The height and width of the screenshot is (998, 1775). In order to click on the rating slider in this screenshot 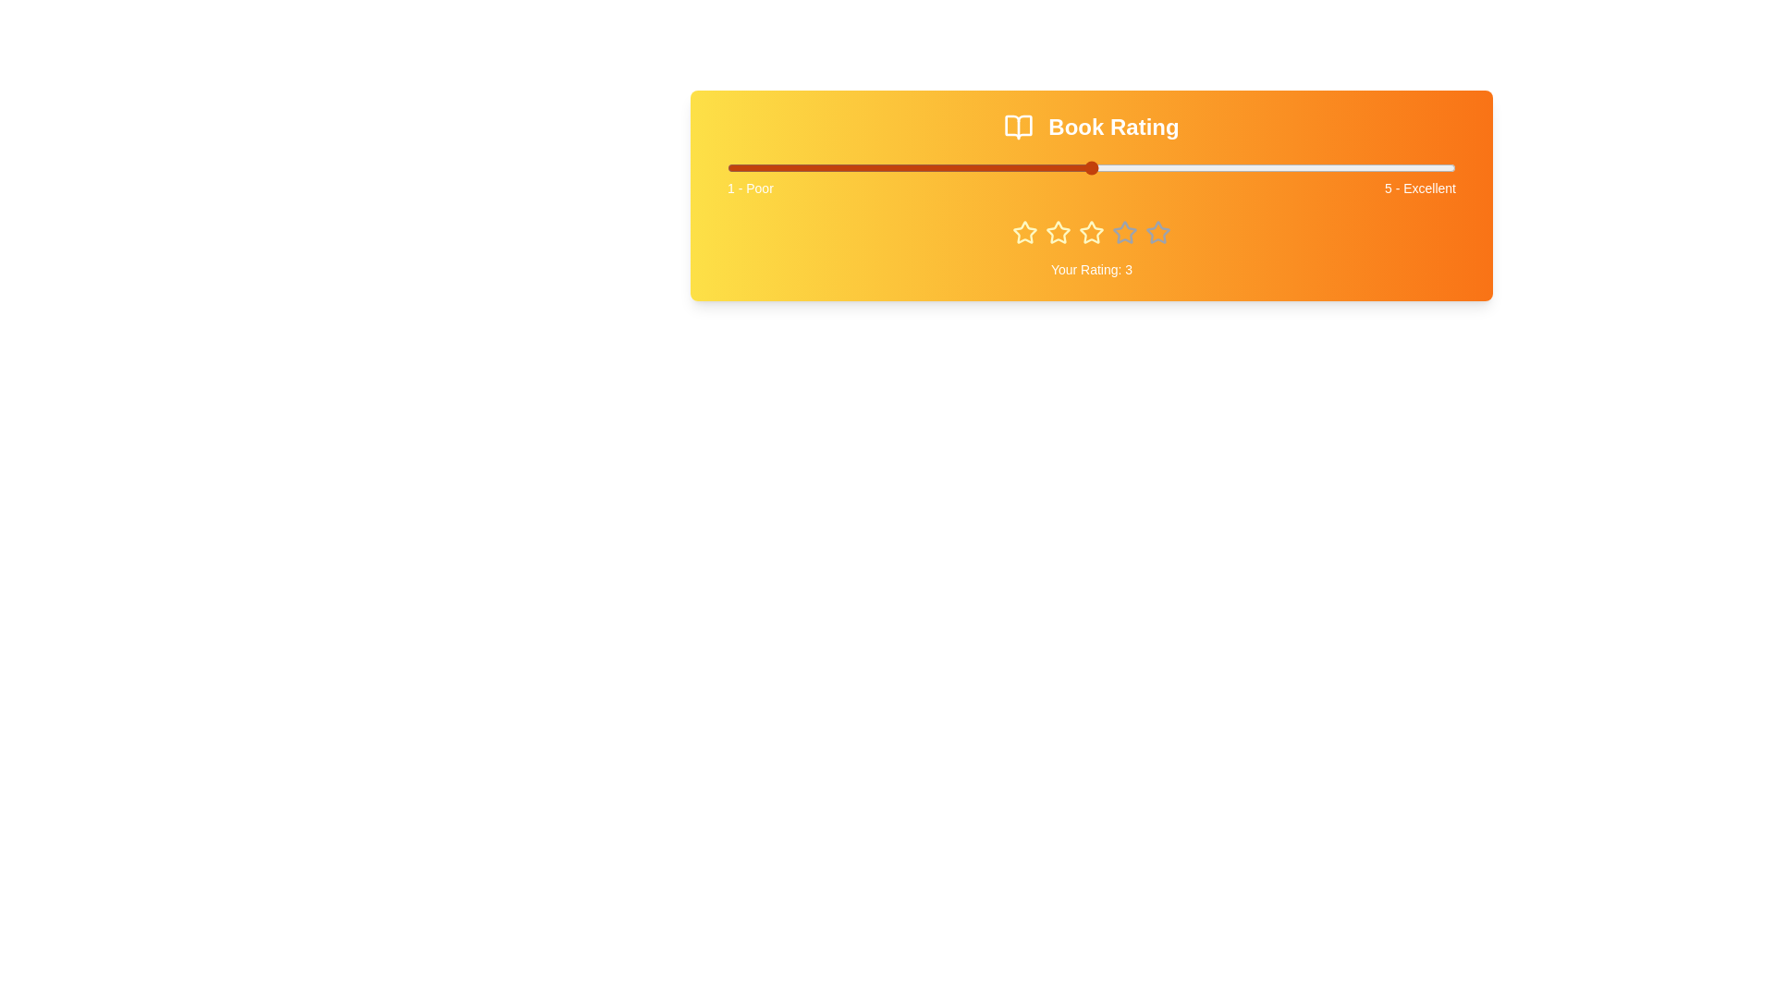, I will do `click(1091, 167)`.